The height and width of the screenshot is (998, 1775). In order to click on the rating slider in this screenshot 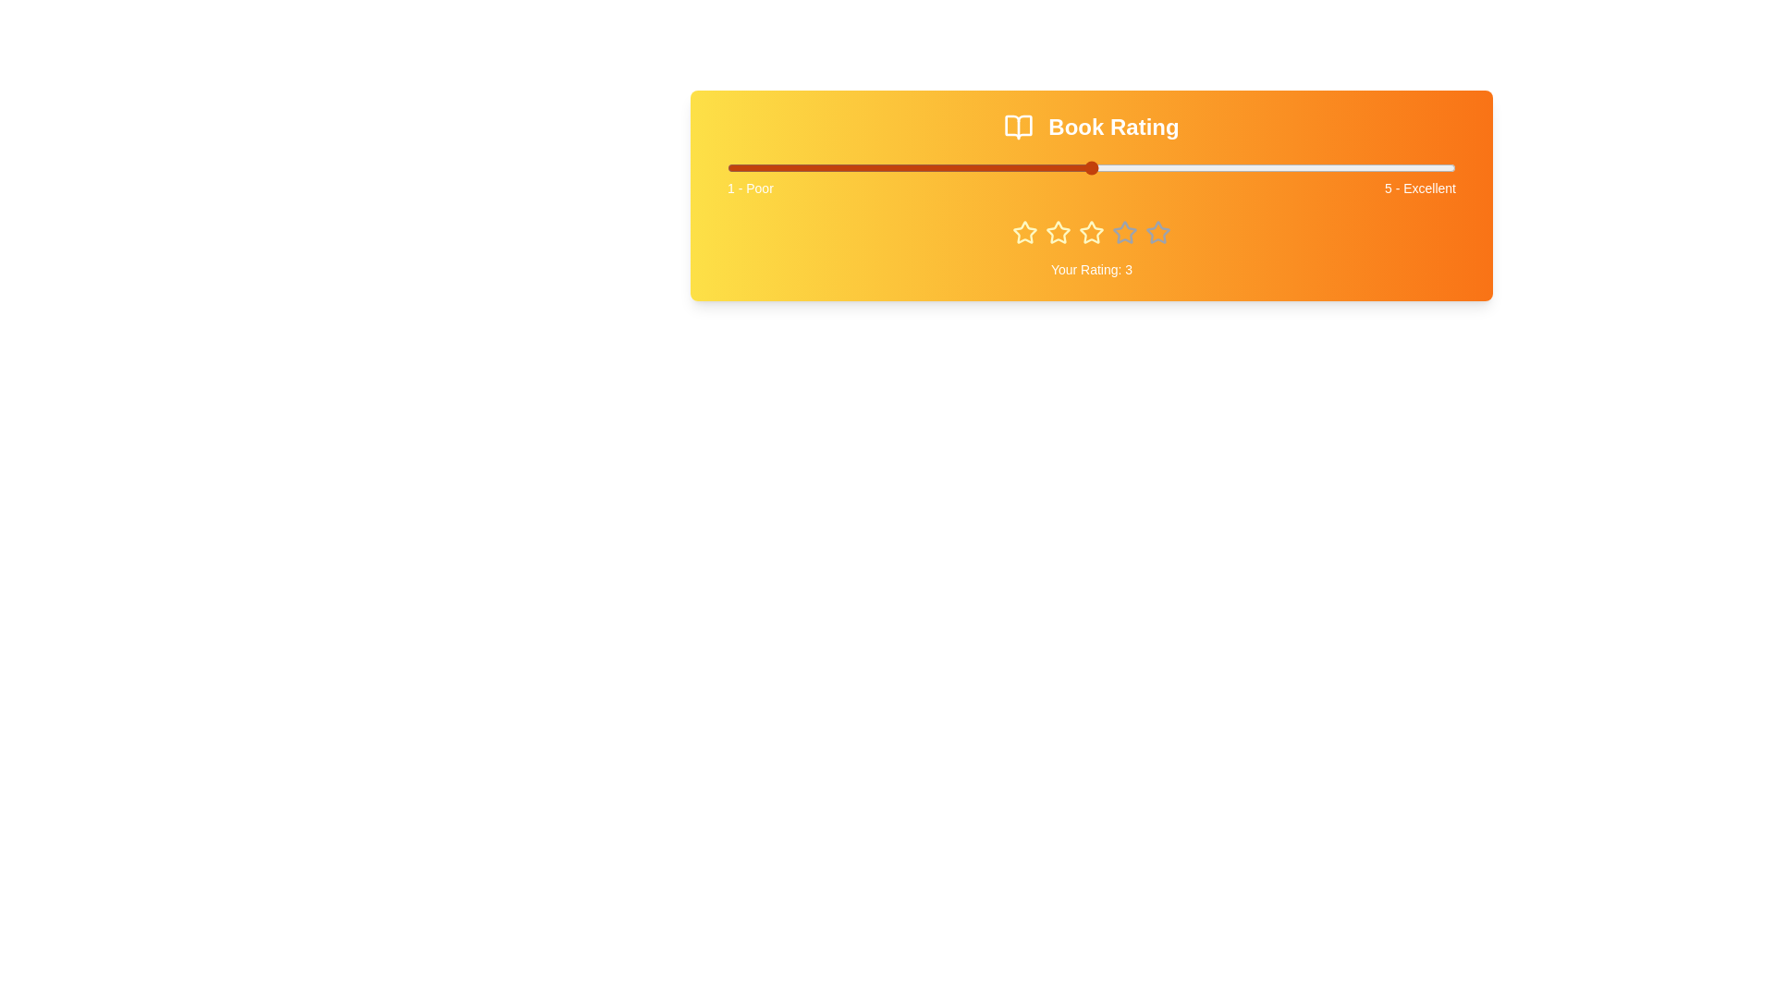, I will do `click(1091, 167)`.